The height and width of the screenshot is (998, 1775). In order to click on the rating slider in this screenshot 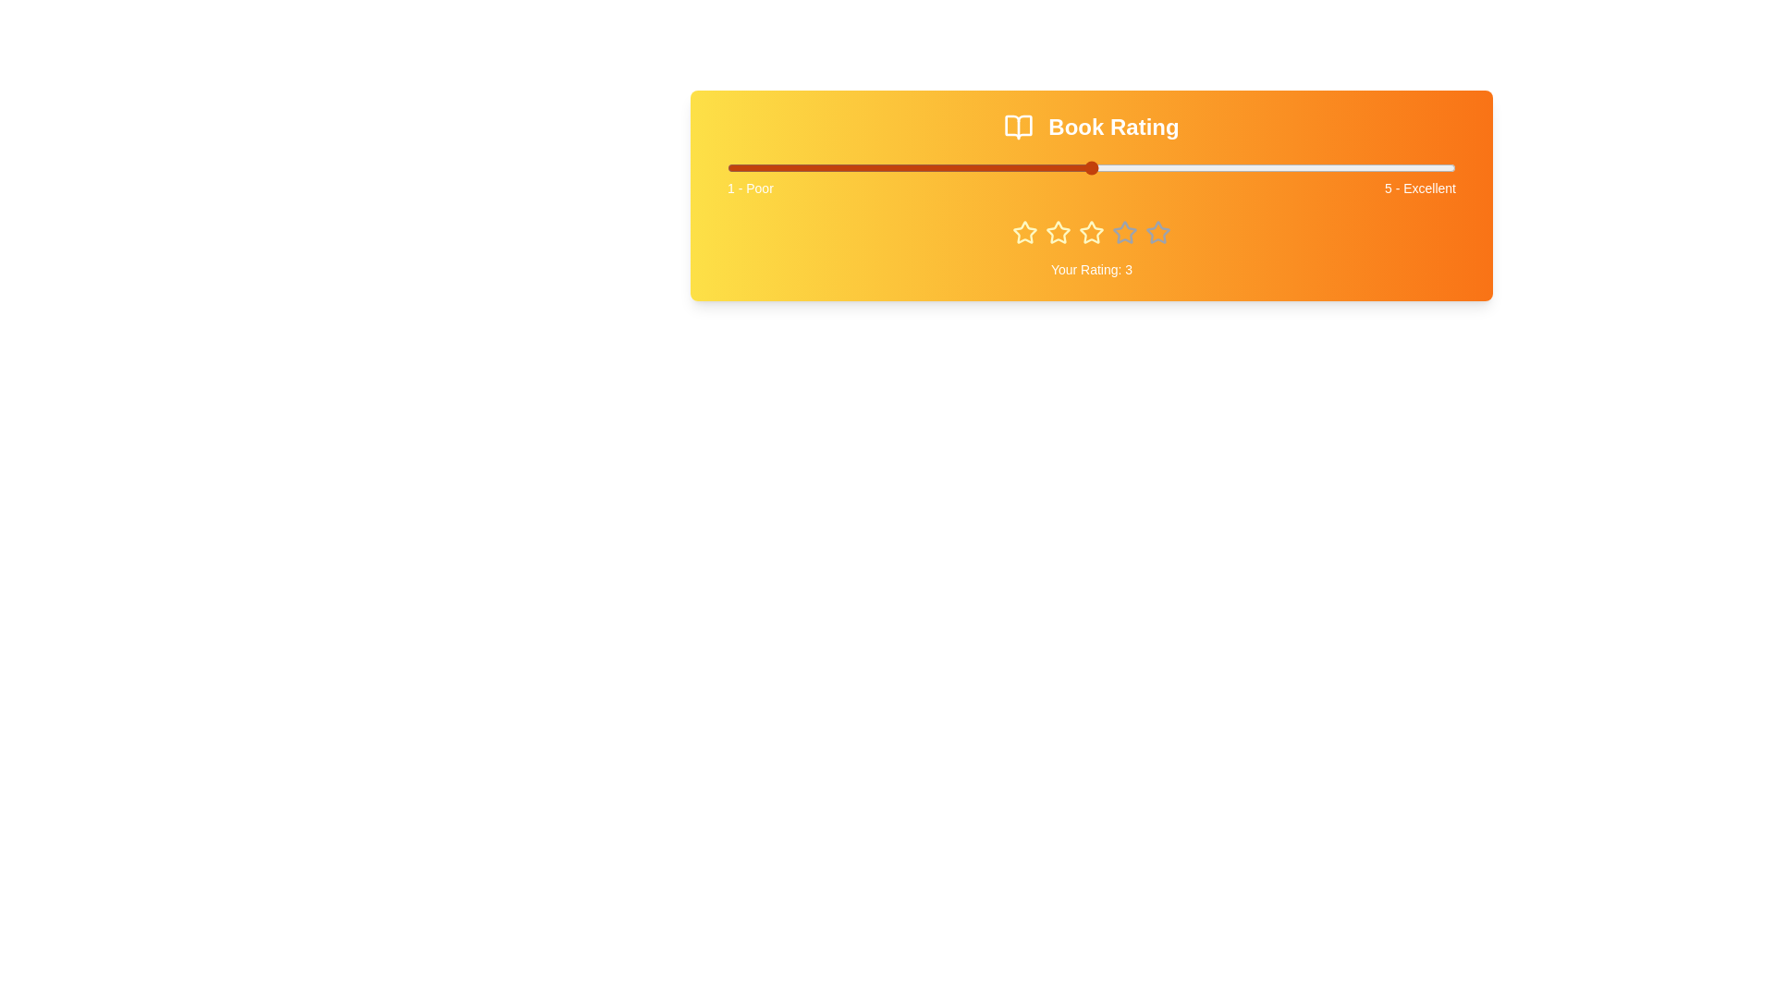, I will do `click(1091, 167)`.